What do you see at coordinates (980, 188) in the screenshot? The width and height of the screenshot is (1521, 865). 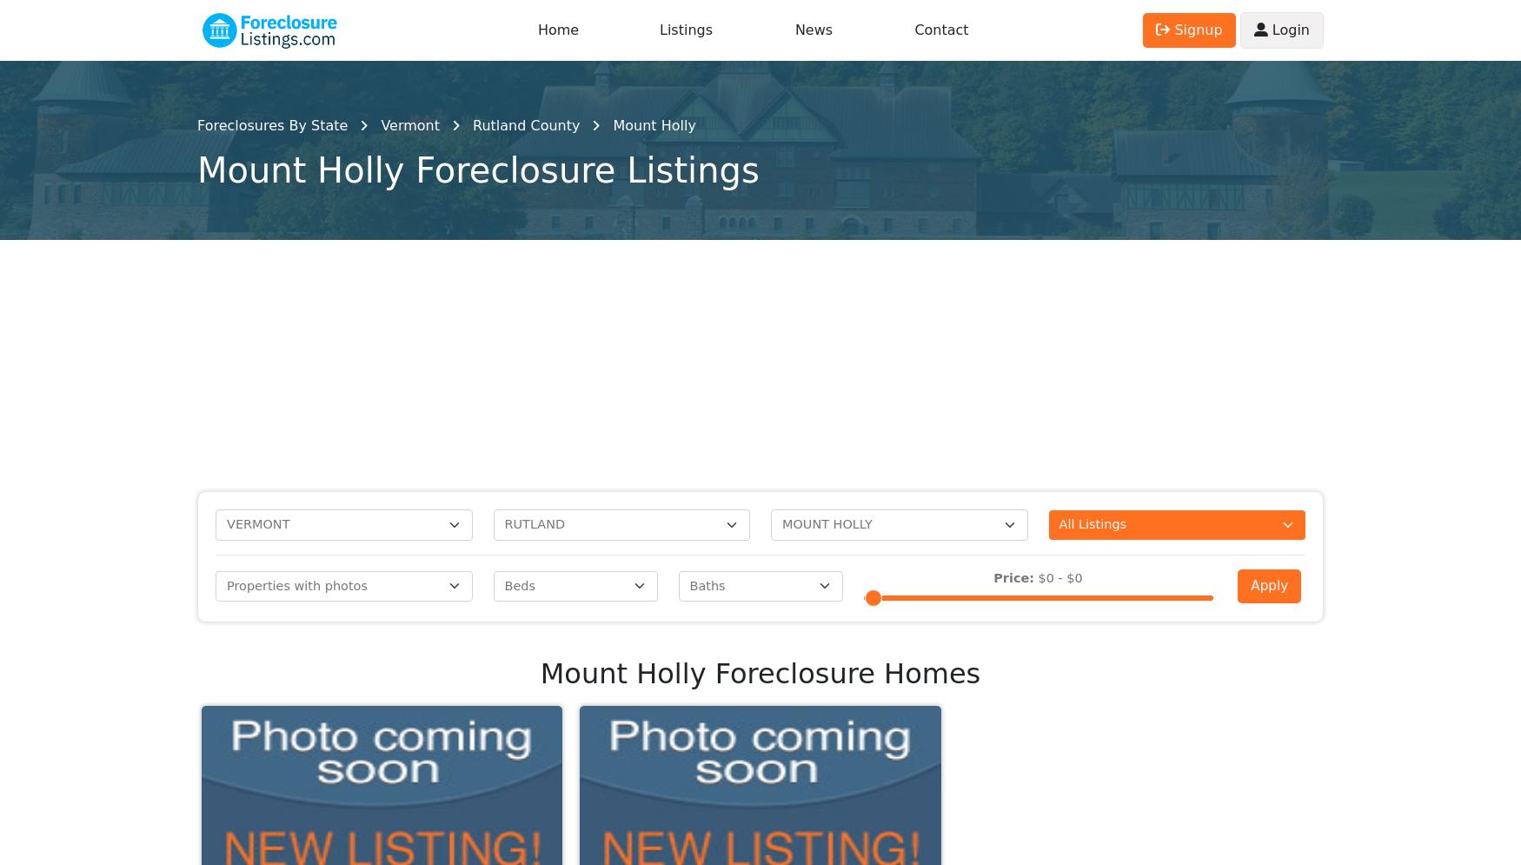 I see `'3 Beds'` at bounding box center [980, 188].